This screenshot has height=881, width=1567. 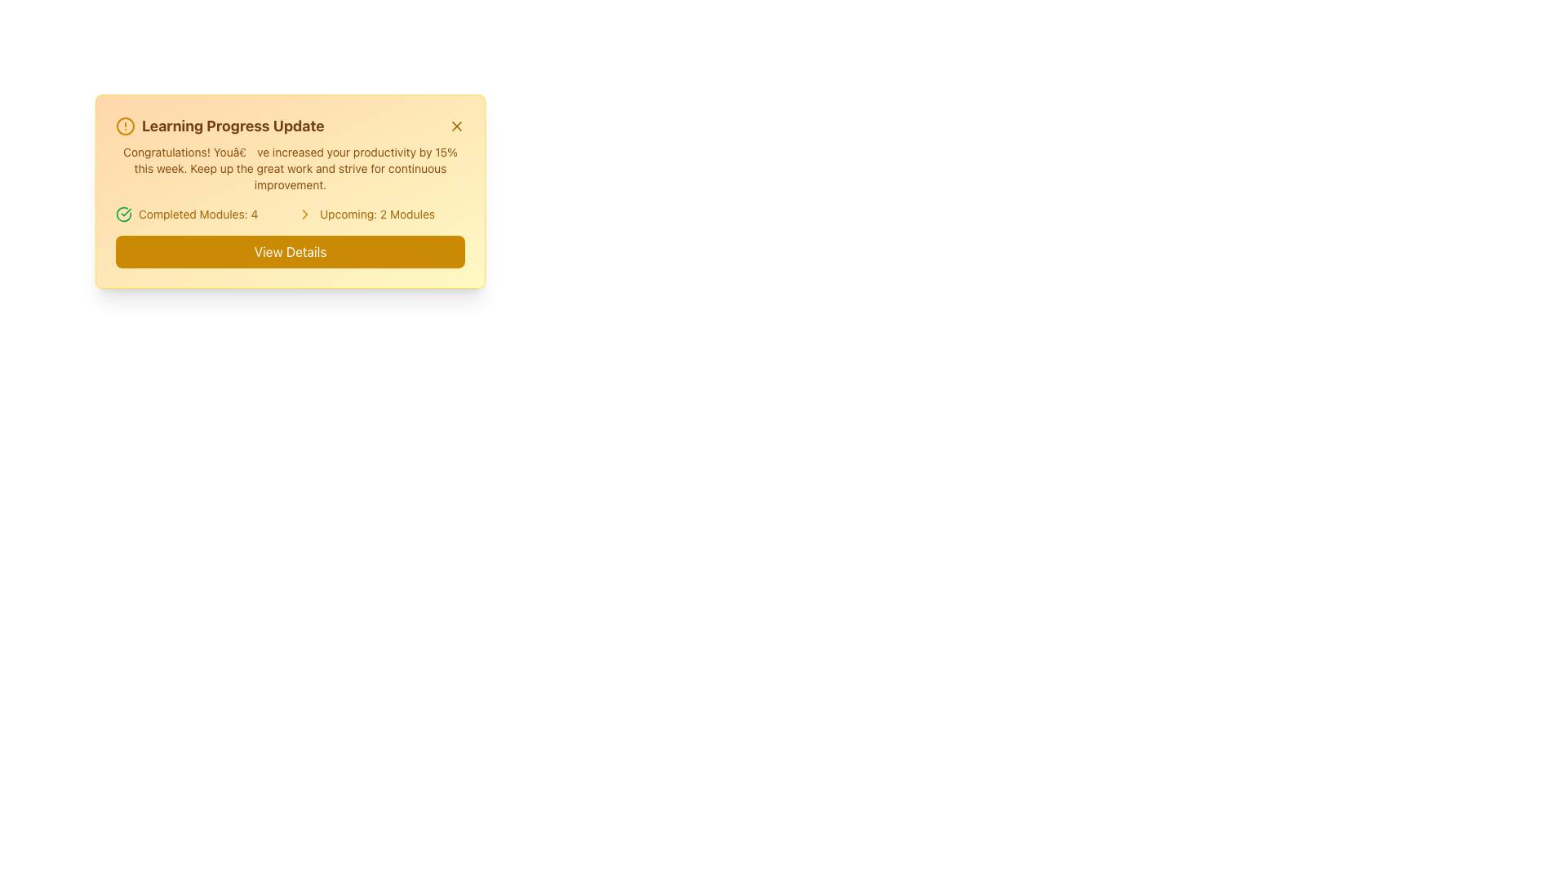 What do you see at coordinates (124, 125) in the screenshot?
I see `alert icon located to the left of the text 'Learning Progress Update' in the topmost section of the notification box by clicking on it` at bounding box center [124, 125].